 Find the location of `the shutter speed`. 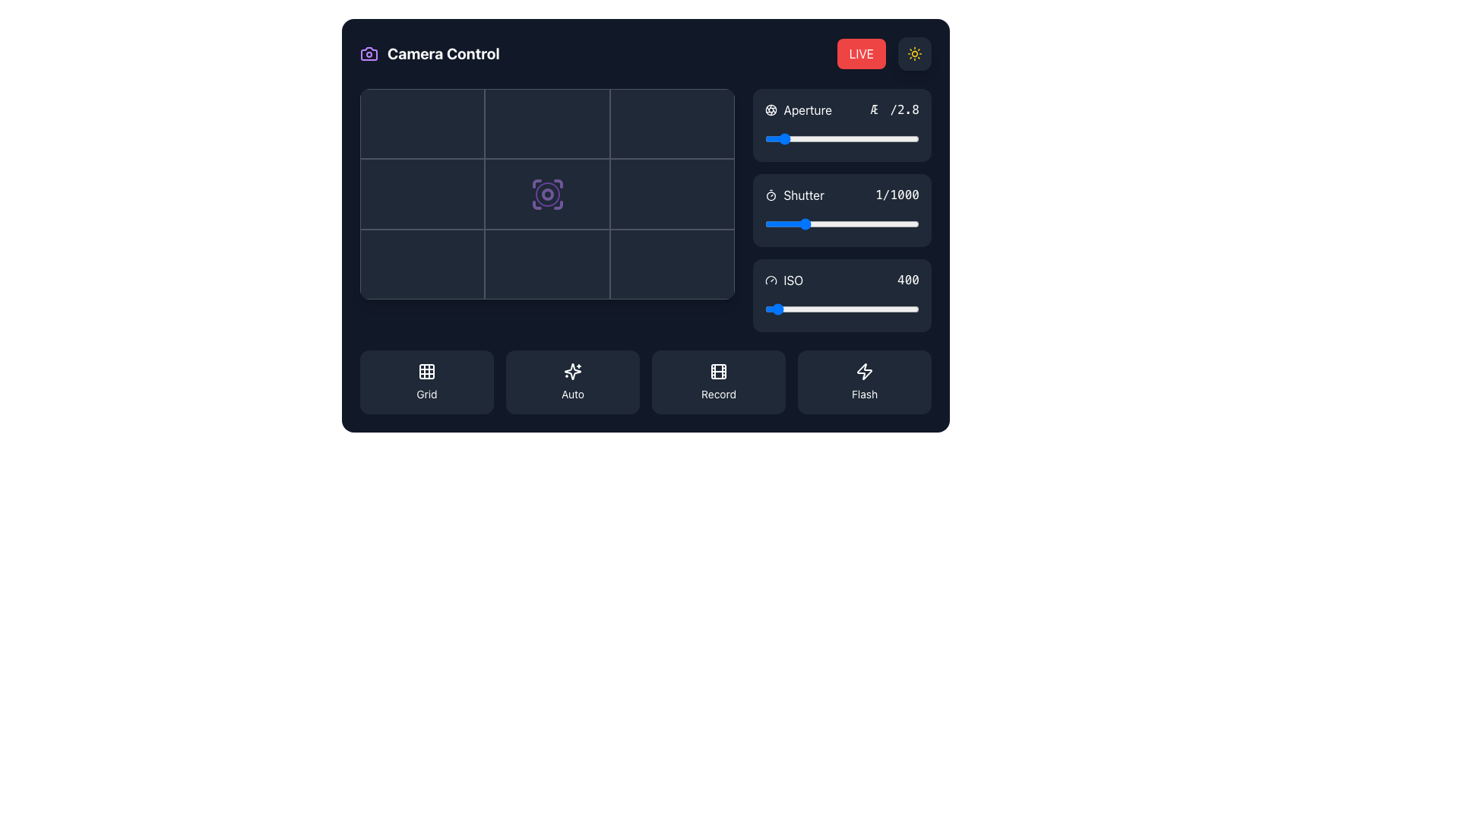

the shutter speed is located at coordinates (793, 223).